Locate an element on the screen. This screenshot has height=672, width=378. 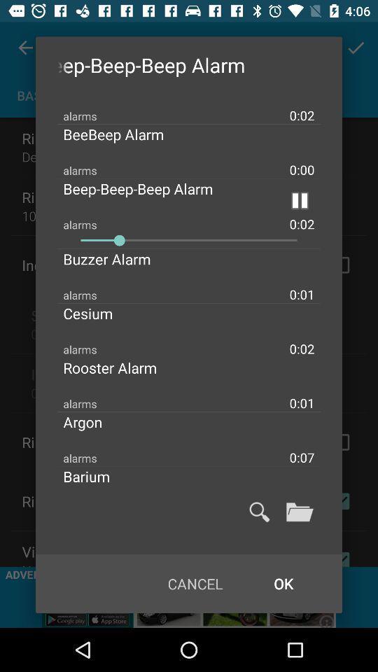
item to the right of the cancel icon is located at coordinates (283, 584).